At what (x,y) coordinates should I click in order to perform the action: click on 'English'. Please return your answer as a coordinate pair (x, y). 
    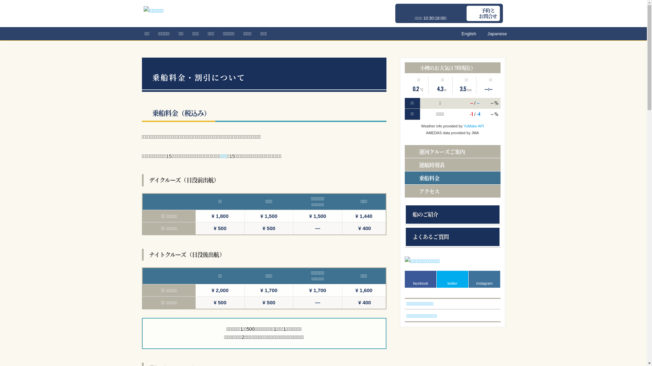
    Looking at the image, I should click on (465, 34).